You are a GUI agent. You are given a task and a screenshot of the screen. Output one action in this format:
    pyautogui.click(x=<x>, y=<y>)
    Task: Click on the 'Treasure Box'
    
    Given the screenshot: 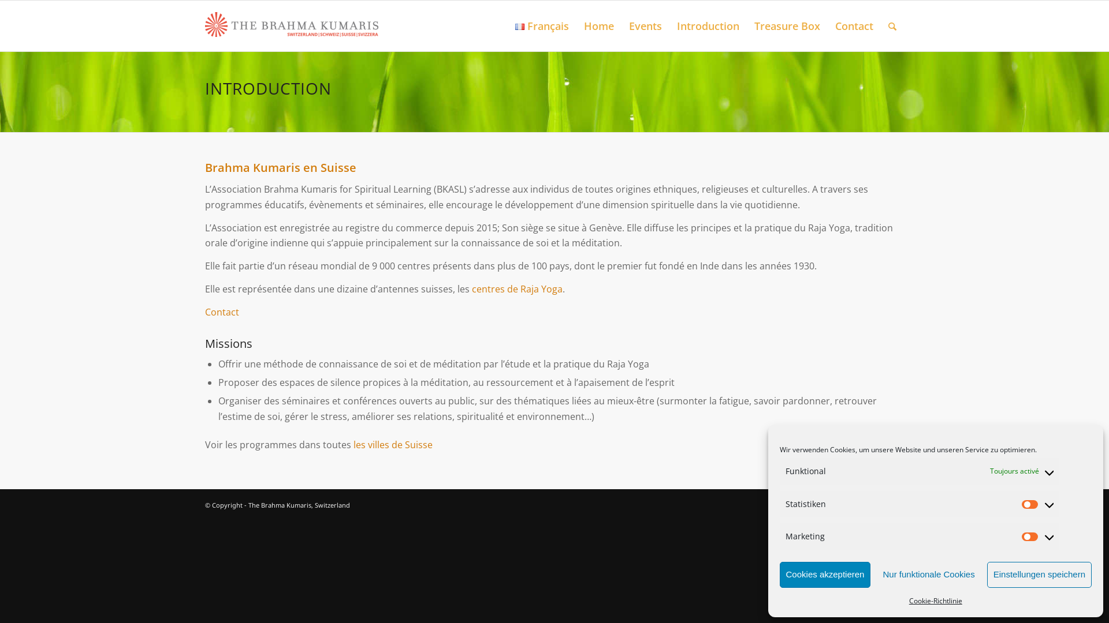 What is the action you would take?
    pyautogui.click(x=787, y=26)
    